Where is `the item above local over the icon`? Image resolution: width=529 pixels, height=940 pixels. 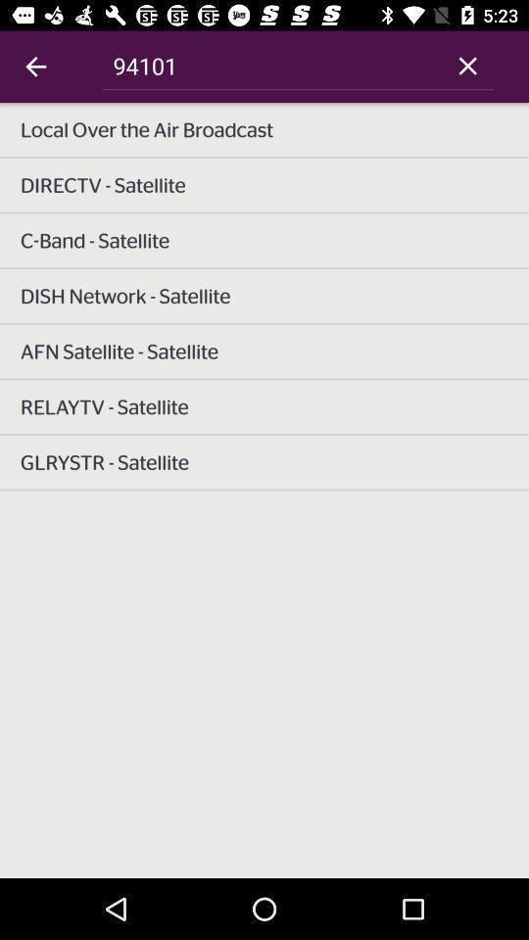
the item above local over the icon is located at coordinates (466, 66).